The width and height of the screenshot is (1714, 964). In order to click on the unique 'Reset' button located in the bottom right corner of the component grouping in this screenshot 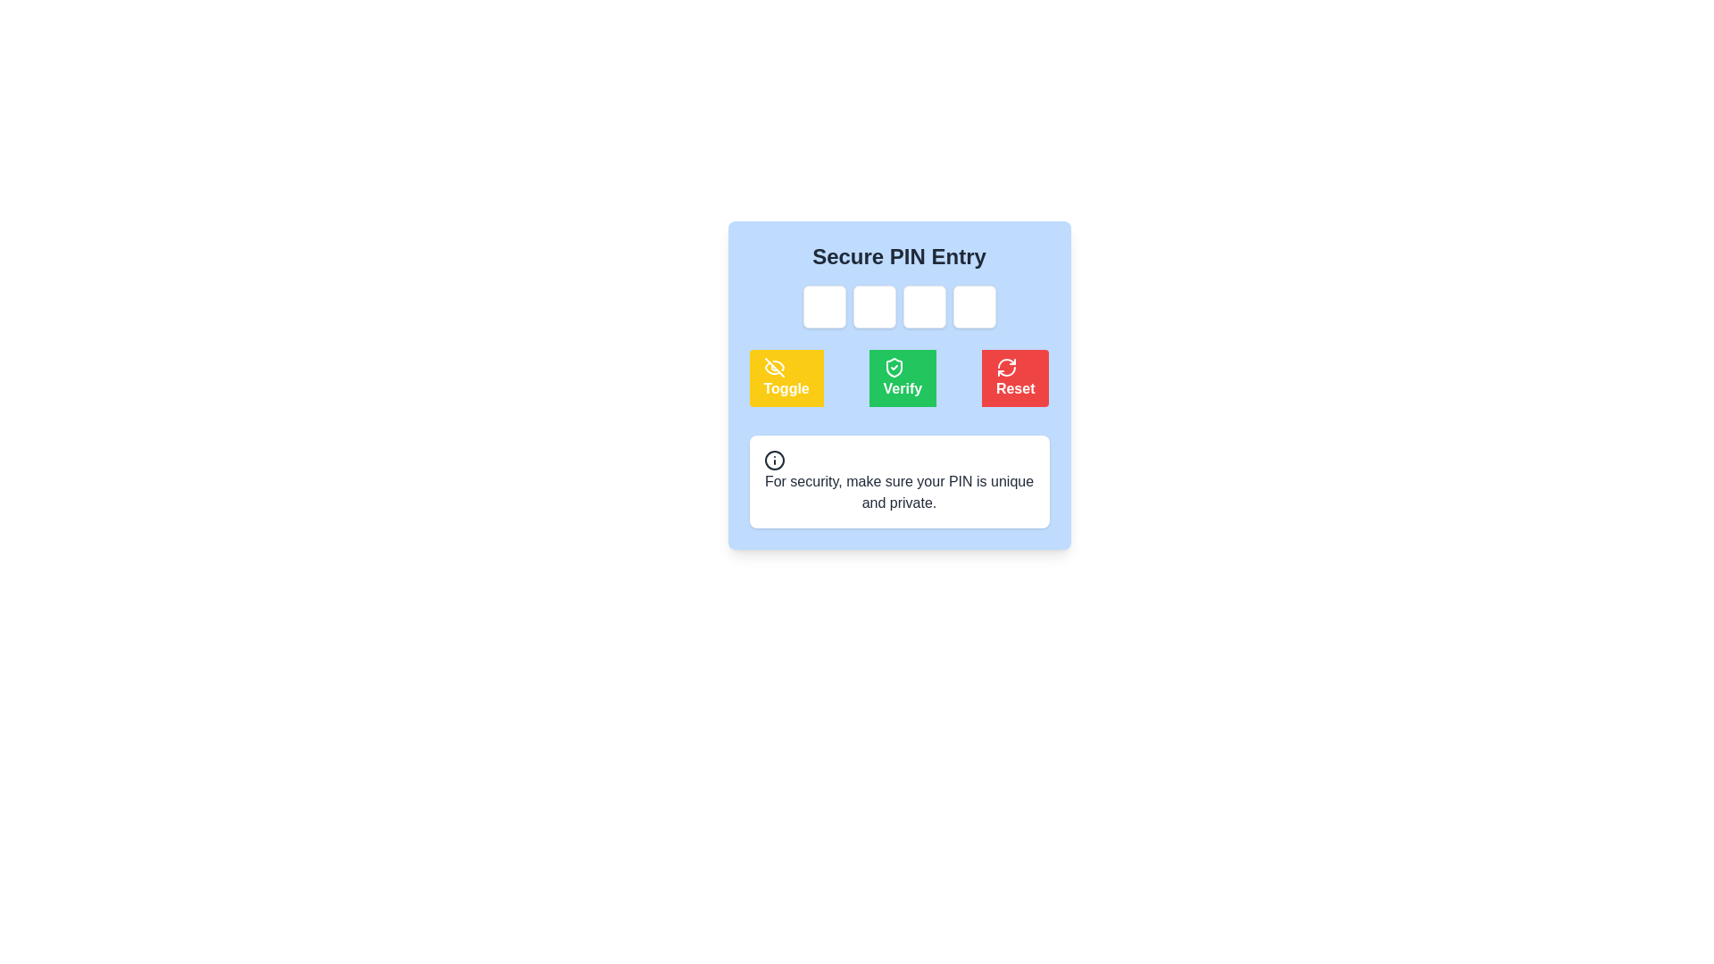, I will do `click(1007, 367)`.